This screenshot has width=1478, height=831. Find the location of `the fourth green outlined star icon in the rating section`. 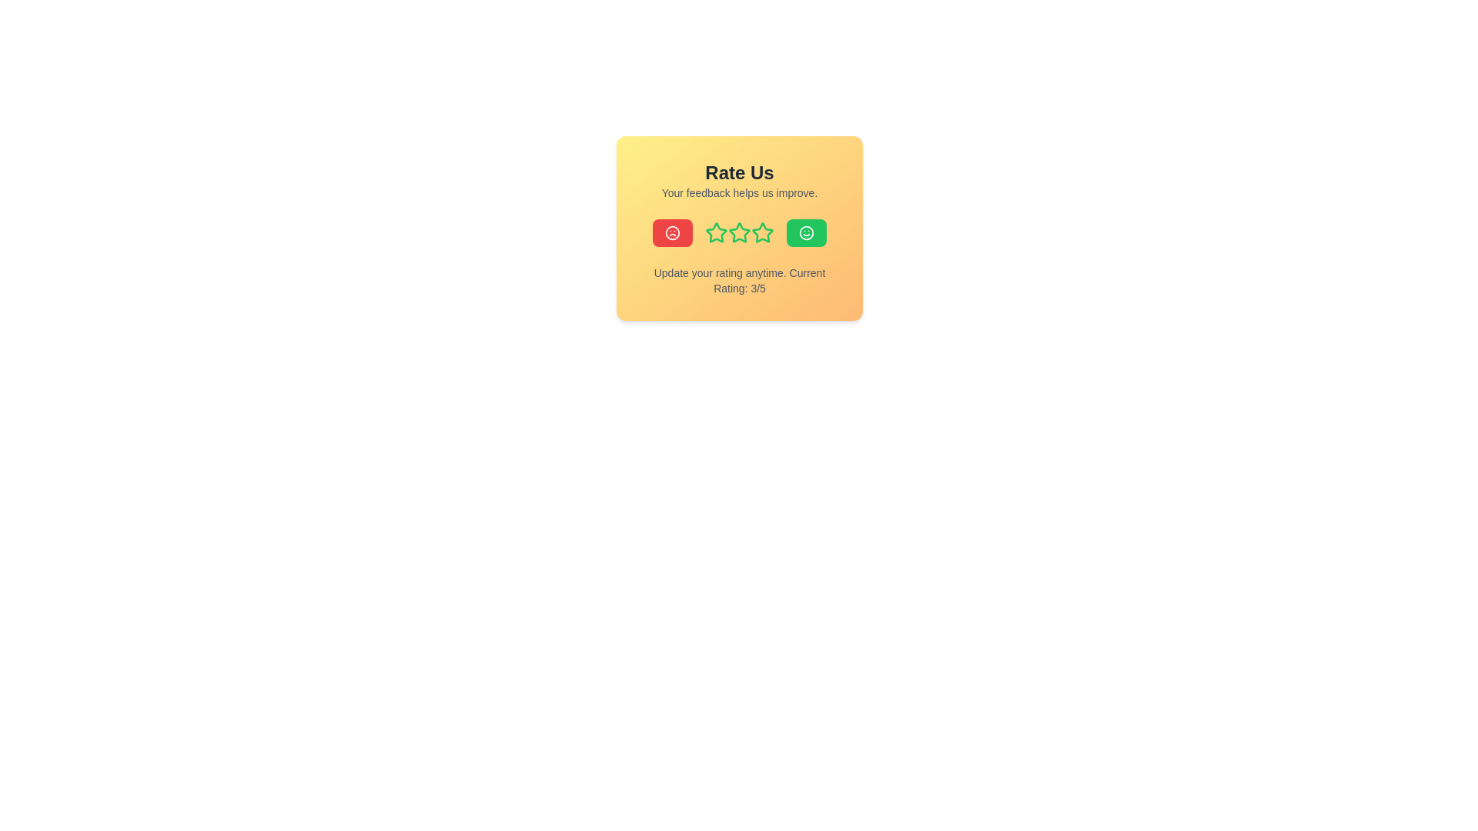

the fourth green outlined star icon in the rating section is located at coordinates (762, 233).